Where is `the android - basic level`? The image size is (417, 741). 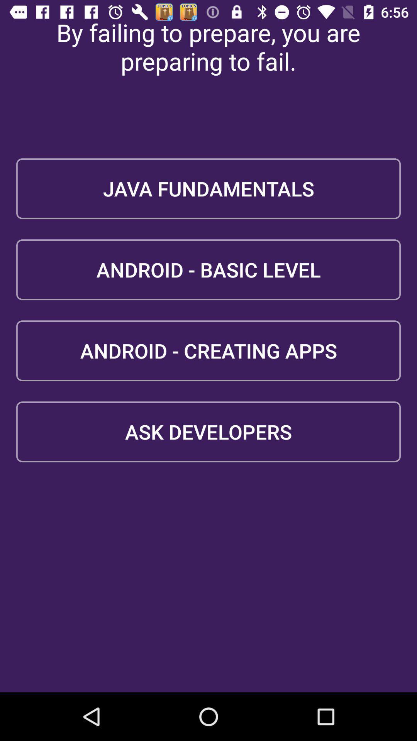 the android - basic level is located at coordinates (208, 270).